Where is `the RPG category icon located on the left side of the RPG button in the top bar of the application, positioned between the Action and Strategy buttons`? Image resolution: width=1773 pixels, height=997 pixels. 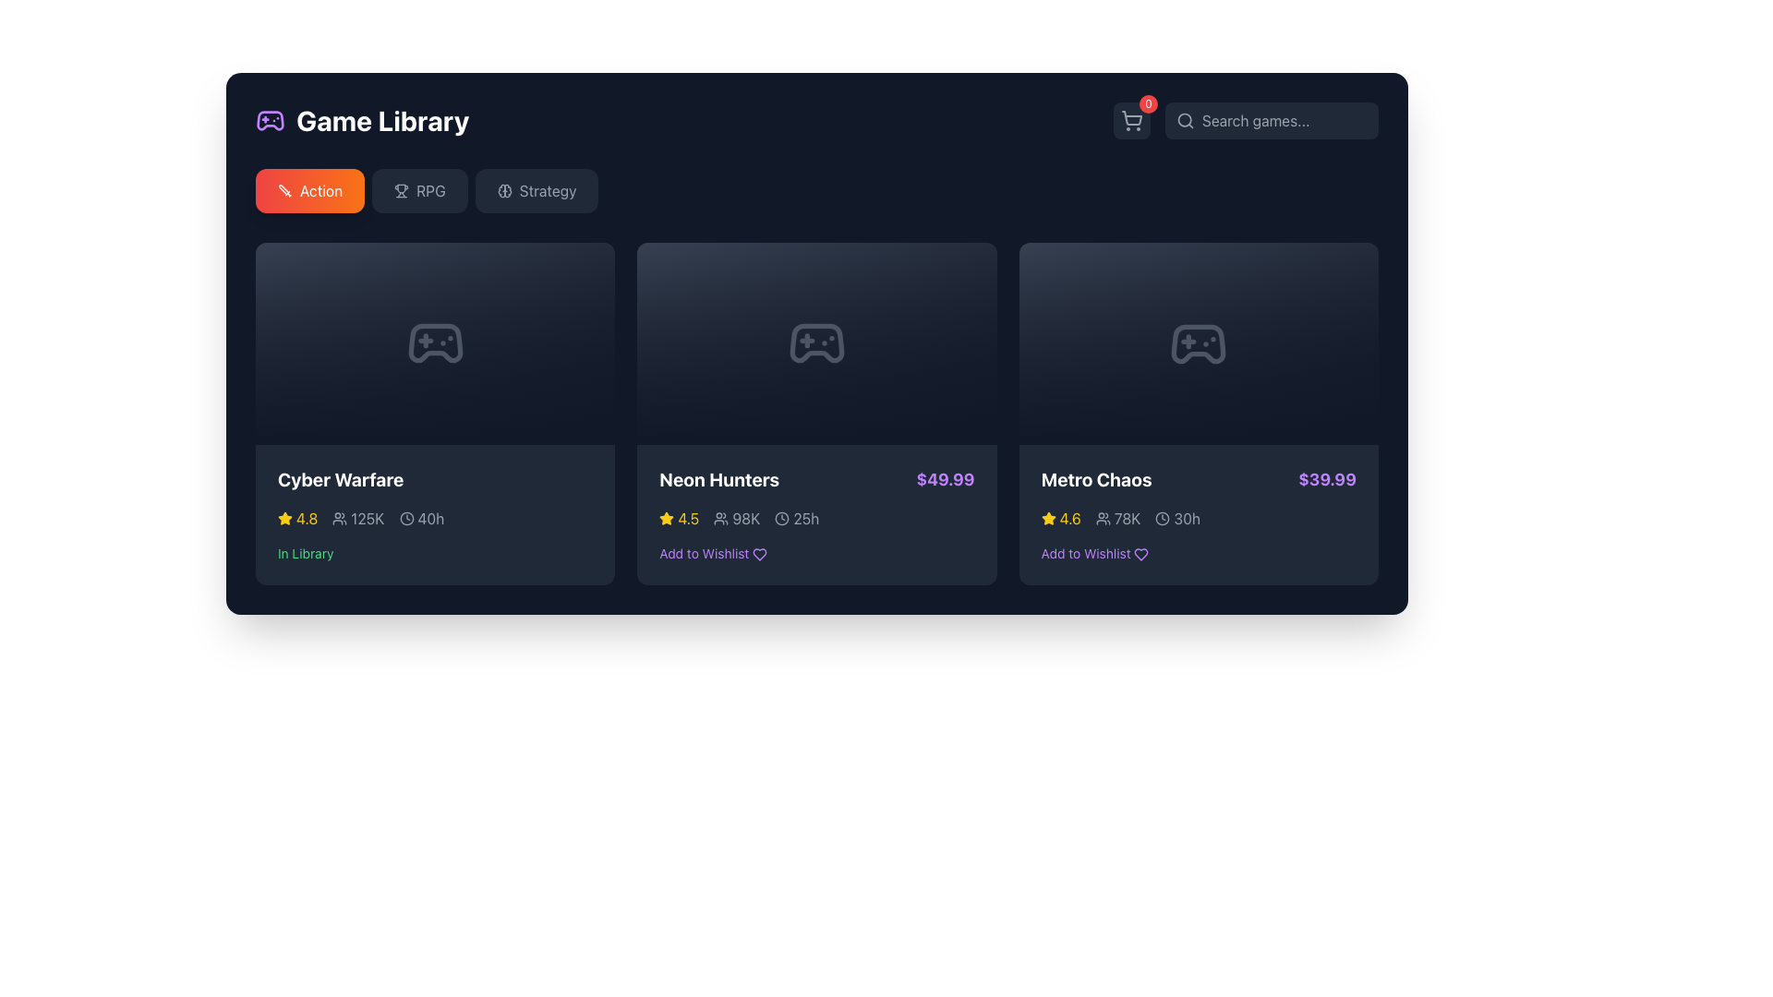
the RPG category icon located on the left side of the RPG button in the top bar of the application, positioned between the Action and Strategy buttons is located at coordinates (401, 191).